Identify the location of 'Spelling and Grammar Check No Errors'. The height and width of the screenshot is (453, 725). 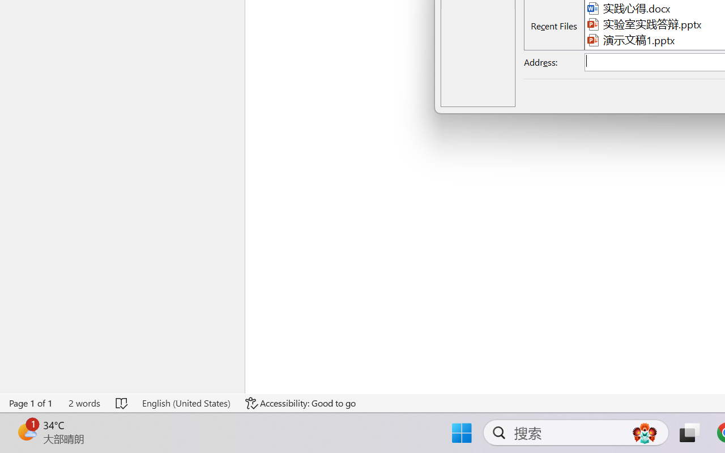
(122, 403).